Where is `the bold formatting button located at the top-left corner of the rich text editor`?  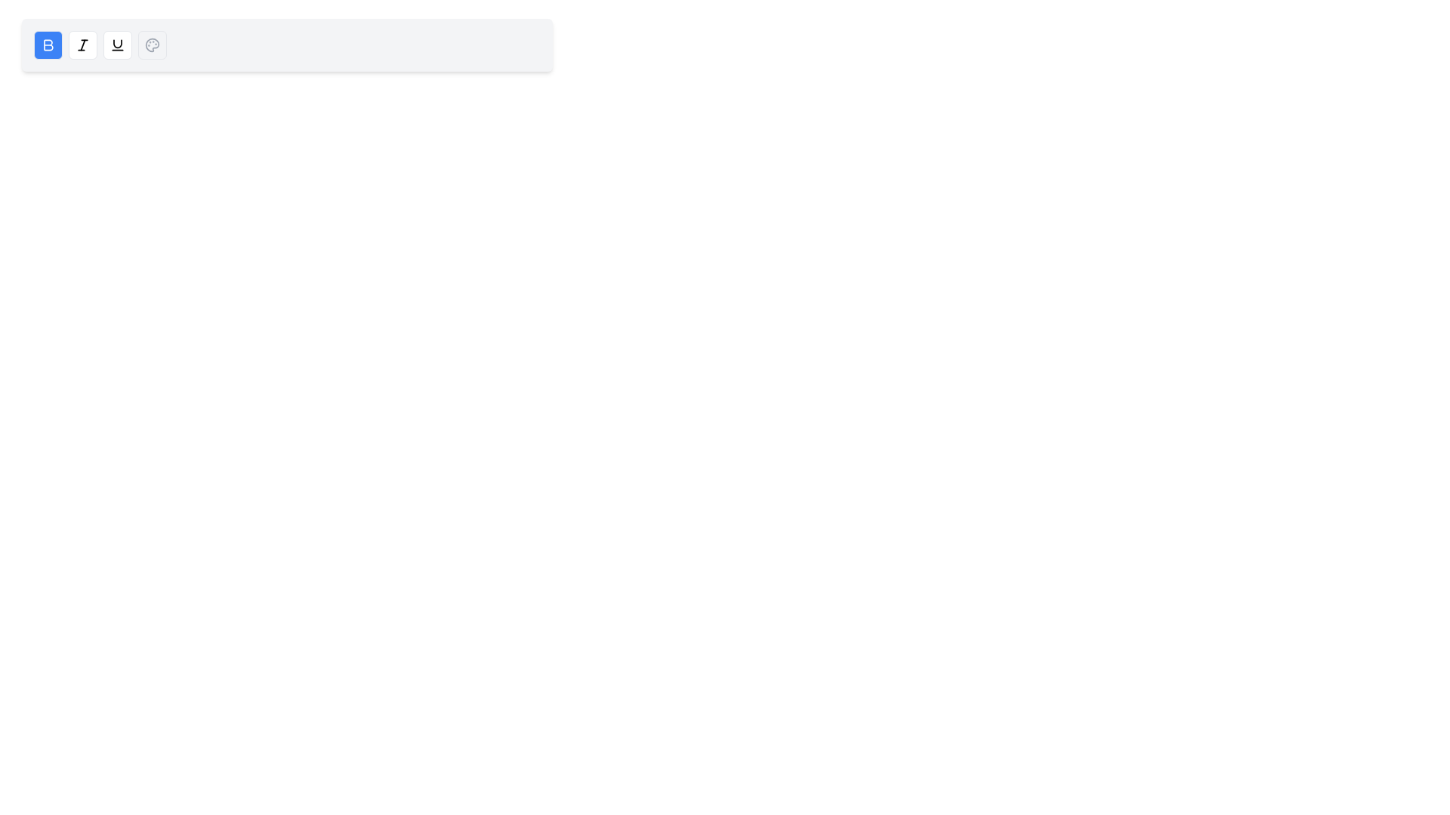 the bold formatting button located at the top-left corner of the rich text editor is located at coordinates (48, 45).